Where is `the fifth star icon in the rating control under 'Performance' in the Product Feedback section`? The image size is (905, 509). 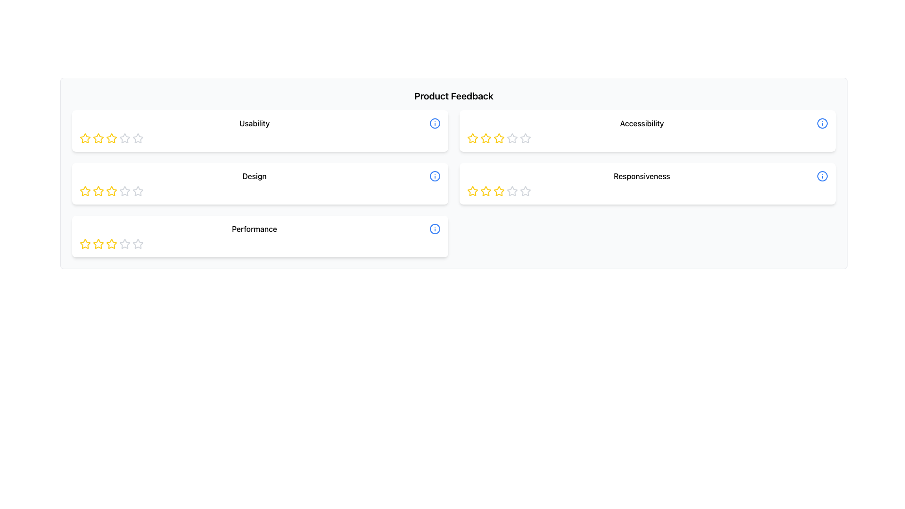
the fifth star icon in the rating control under 'Performance' in the Product Feedback section is located at coordinates (137, 243).